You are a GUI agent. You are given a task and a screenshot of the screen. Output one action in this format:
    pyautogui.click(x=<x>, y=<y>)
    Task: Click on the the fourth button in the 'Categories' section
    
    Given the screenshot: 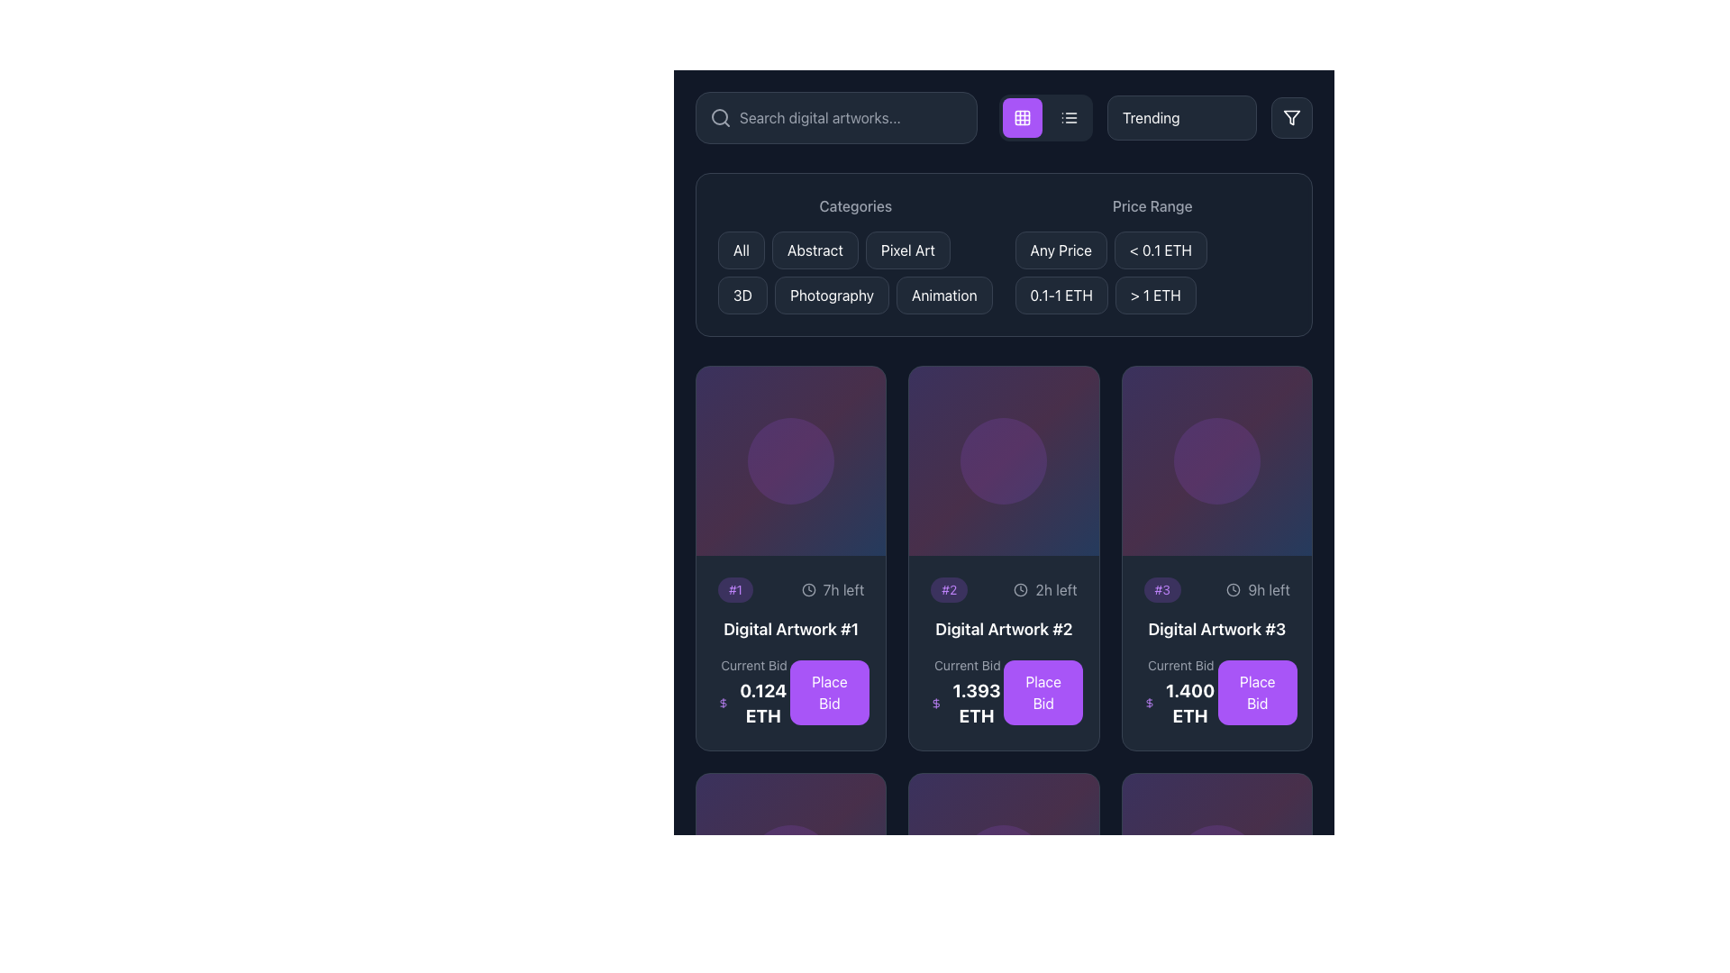 What is the action you would take?
    pyautogui.click(x=742, y=294)
    